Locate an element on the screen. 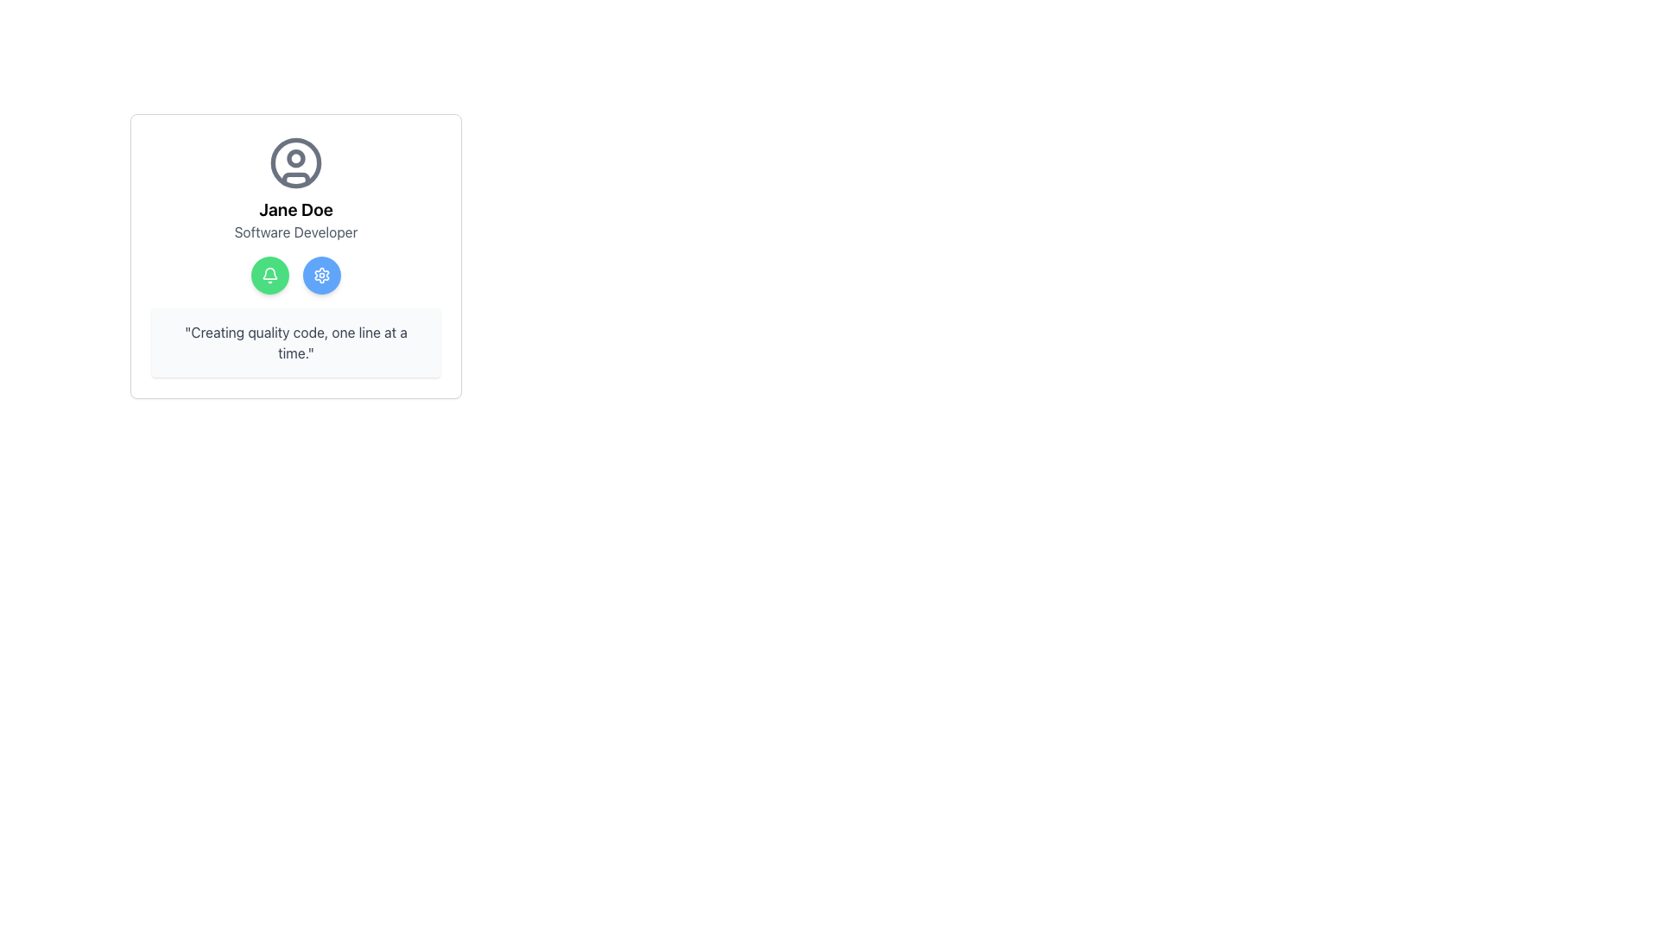 The image size is (1658, 933). the notification bell icon located beneath the user's avatar and name is located at coordinates (269, 272).